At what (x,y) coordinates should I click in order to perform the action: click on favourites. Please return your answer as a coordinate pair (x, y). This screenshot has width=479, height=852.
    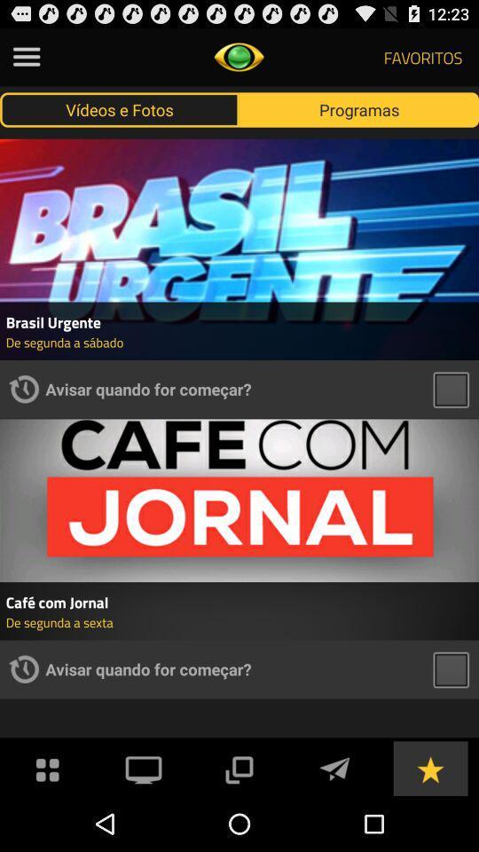
    Looking at the image, I should click on (429, 767).